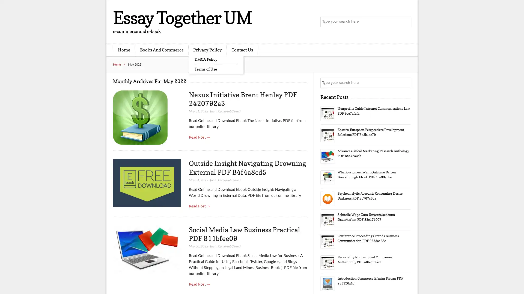 This screenshot has width=524, height=294. Describe the element at coordinates (405, 83) in the screenshot. I see `Search` at that location.